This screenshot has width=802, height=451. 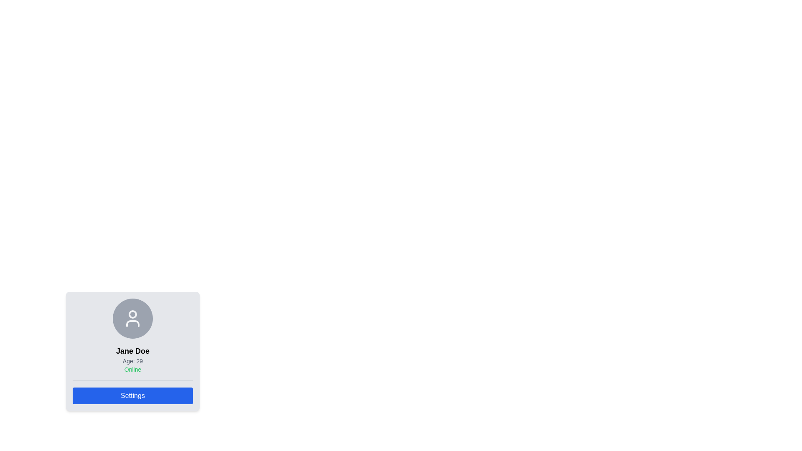 I want to click on the Avatar element located centrally above the user information text 'Jane Doe', 'Age: 29', and 'Online', so click(x=132, y=319).